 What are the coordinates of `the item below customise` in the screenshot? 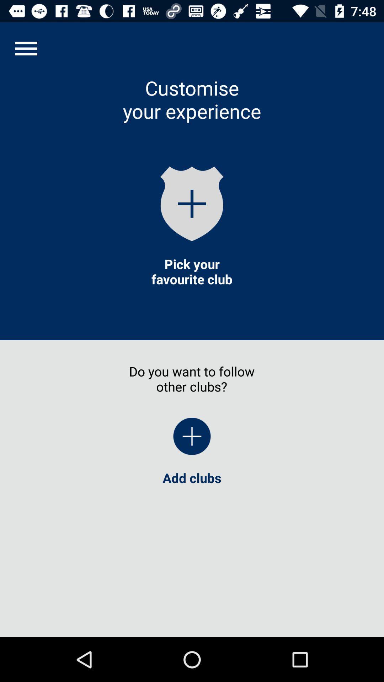 It's located at (192, 203).